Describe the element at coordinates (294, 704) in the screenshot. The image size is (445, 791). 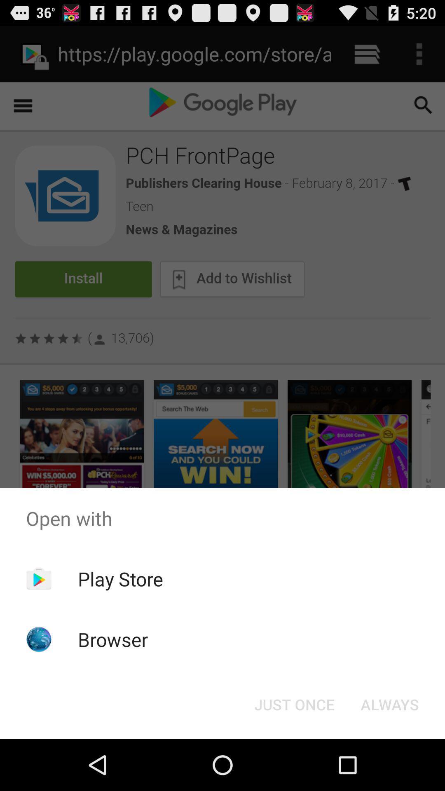
I see `just once item` at that location.